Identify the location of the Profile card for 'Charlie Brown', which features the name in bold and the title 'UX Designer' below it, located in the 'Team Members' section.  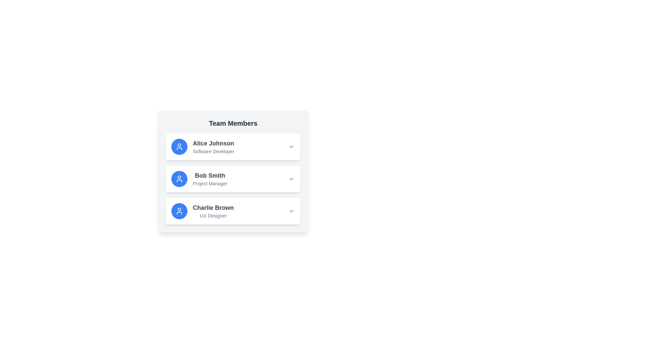
(233, 210).